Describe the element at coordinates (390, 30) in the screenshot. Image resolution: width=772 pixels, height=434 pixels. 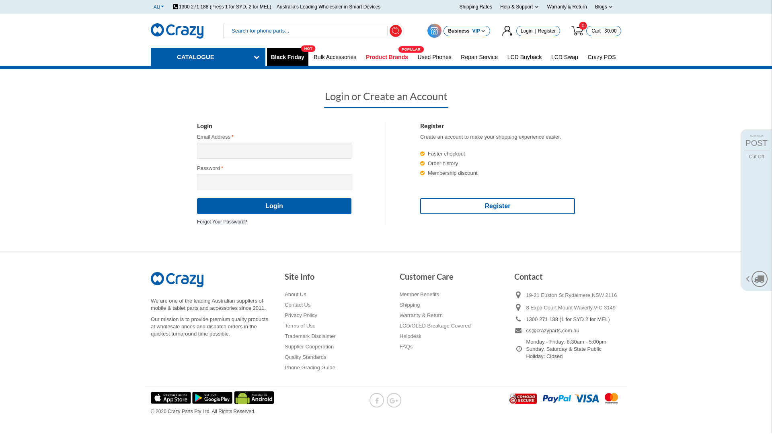
I see `'Search'` at that location.